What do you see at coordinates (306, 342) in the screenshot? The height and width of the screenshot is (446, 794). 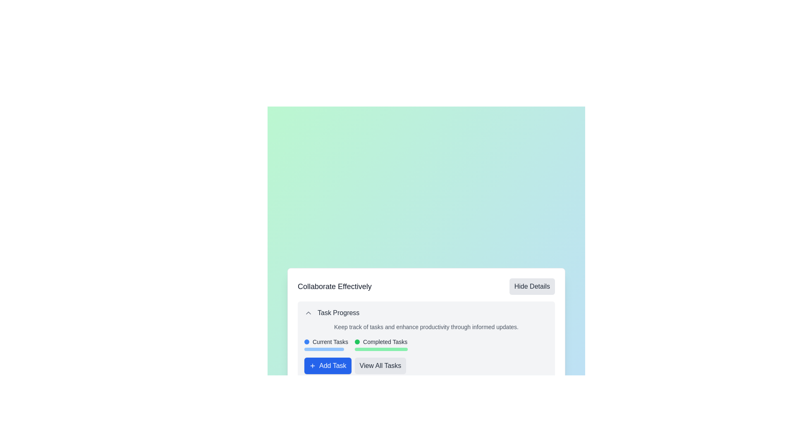 I see `icon indicator associated with the 'Current Tasks' label for its styling or attributes` at bounding box center [306, 342].